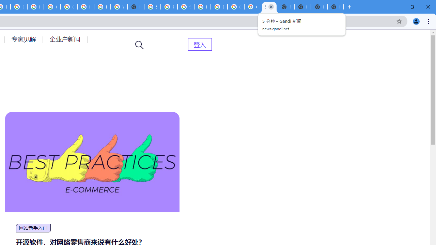  Describe the element at coordinates (139, 45) in the screenshot. I see `'Open search form'` at that location.